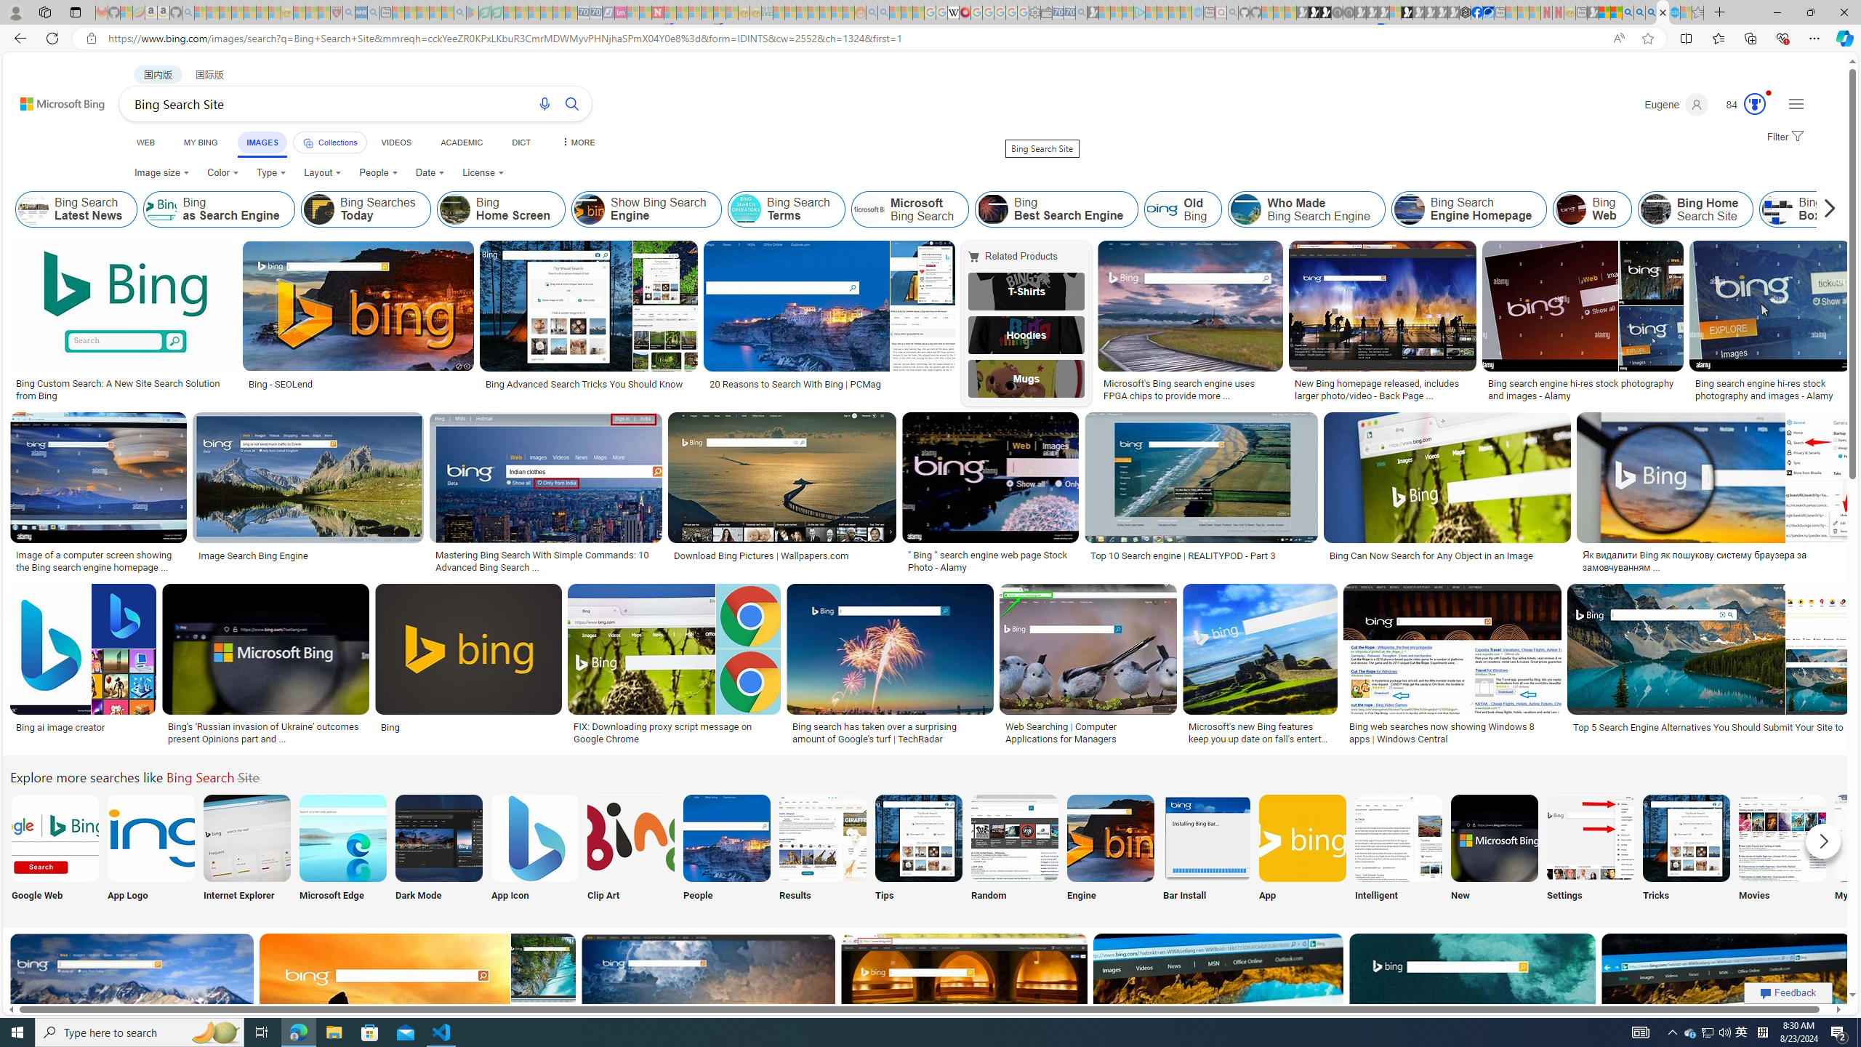 Image resolution: width=1861 pixels, height=1047 pixels. What do you see at coordinates (1686, 850) in the screenshot?
I see `'Tricks'` at bounding box center [1686, 850].